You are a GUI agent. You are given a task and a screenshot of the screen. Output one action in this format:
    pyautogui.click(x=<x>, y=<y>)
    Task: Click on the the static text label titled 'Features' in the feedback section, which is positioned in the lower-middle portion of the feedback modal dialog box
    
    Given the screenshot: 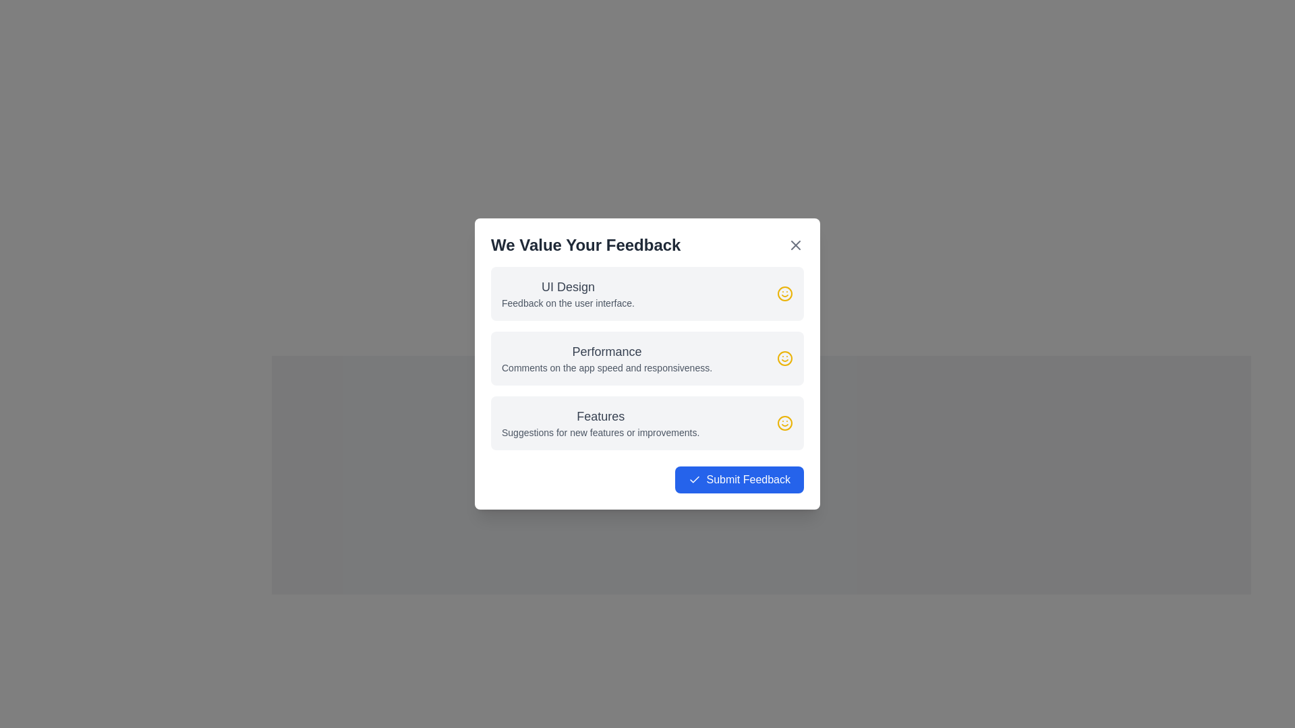 What is the action you would take?
    pyautogui.click(x=600, y=415)
    